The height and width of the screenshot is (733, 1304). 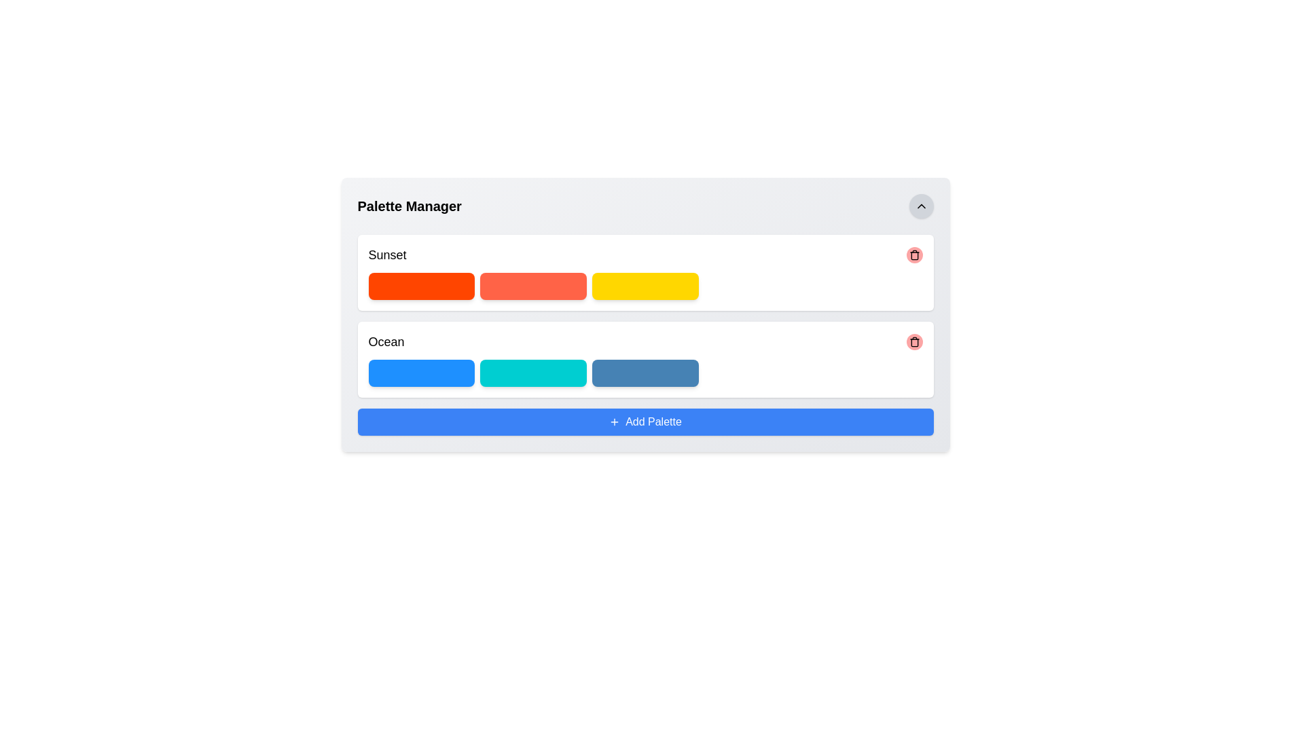 What do you see at coordinates (921, 206) in the screenshot?
I see `the circular button with a light gray background and a black upward arrow` at bounding box center [921, 206].